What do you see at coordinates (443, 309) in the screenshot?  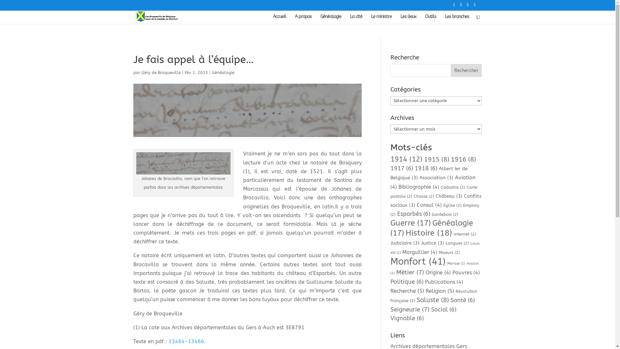 I see `'Social (6)'` at bounding box center [443, 309].